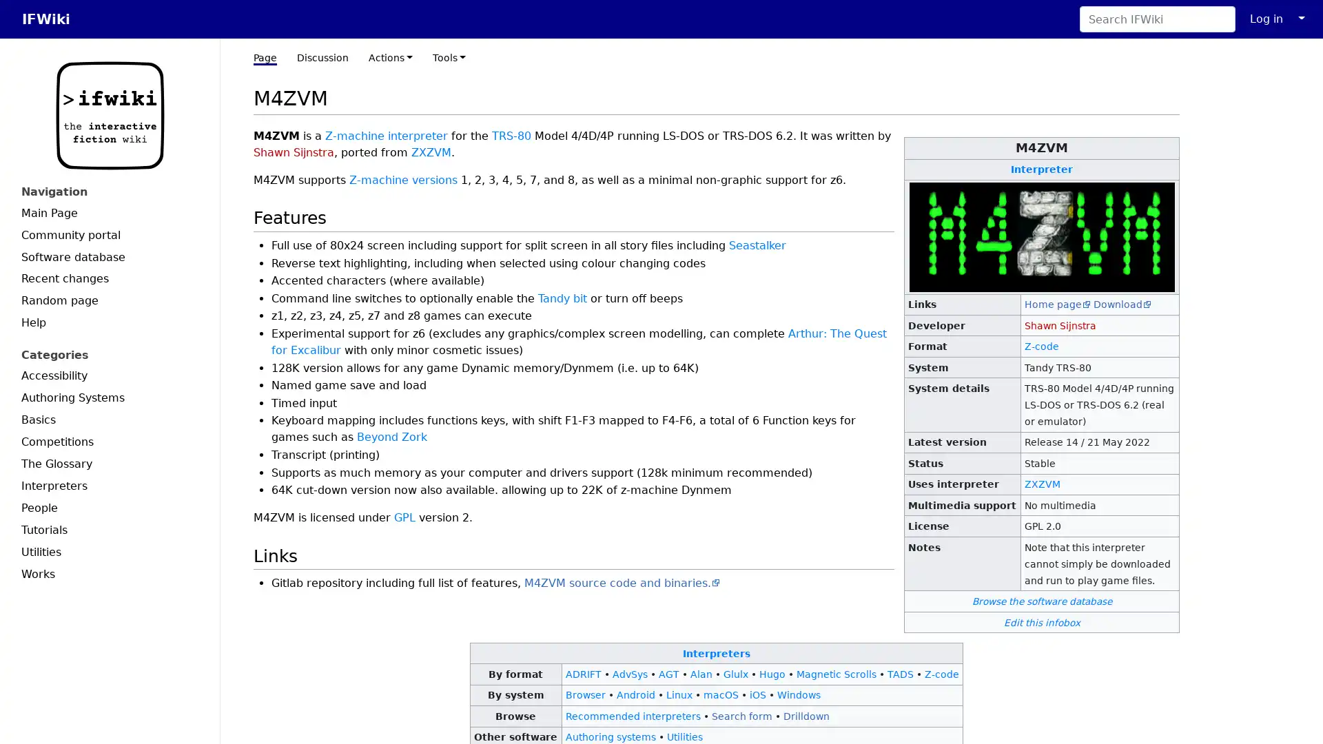 This screenshot has width=1323, height=744. I want to click on Navigation, so click(109, 192).